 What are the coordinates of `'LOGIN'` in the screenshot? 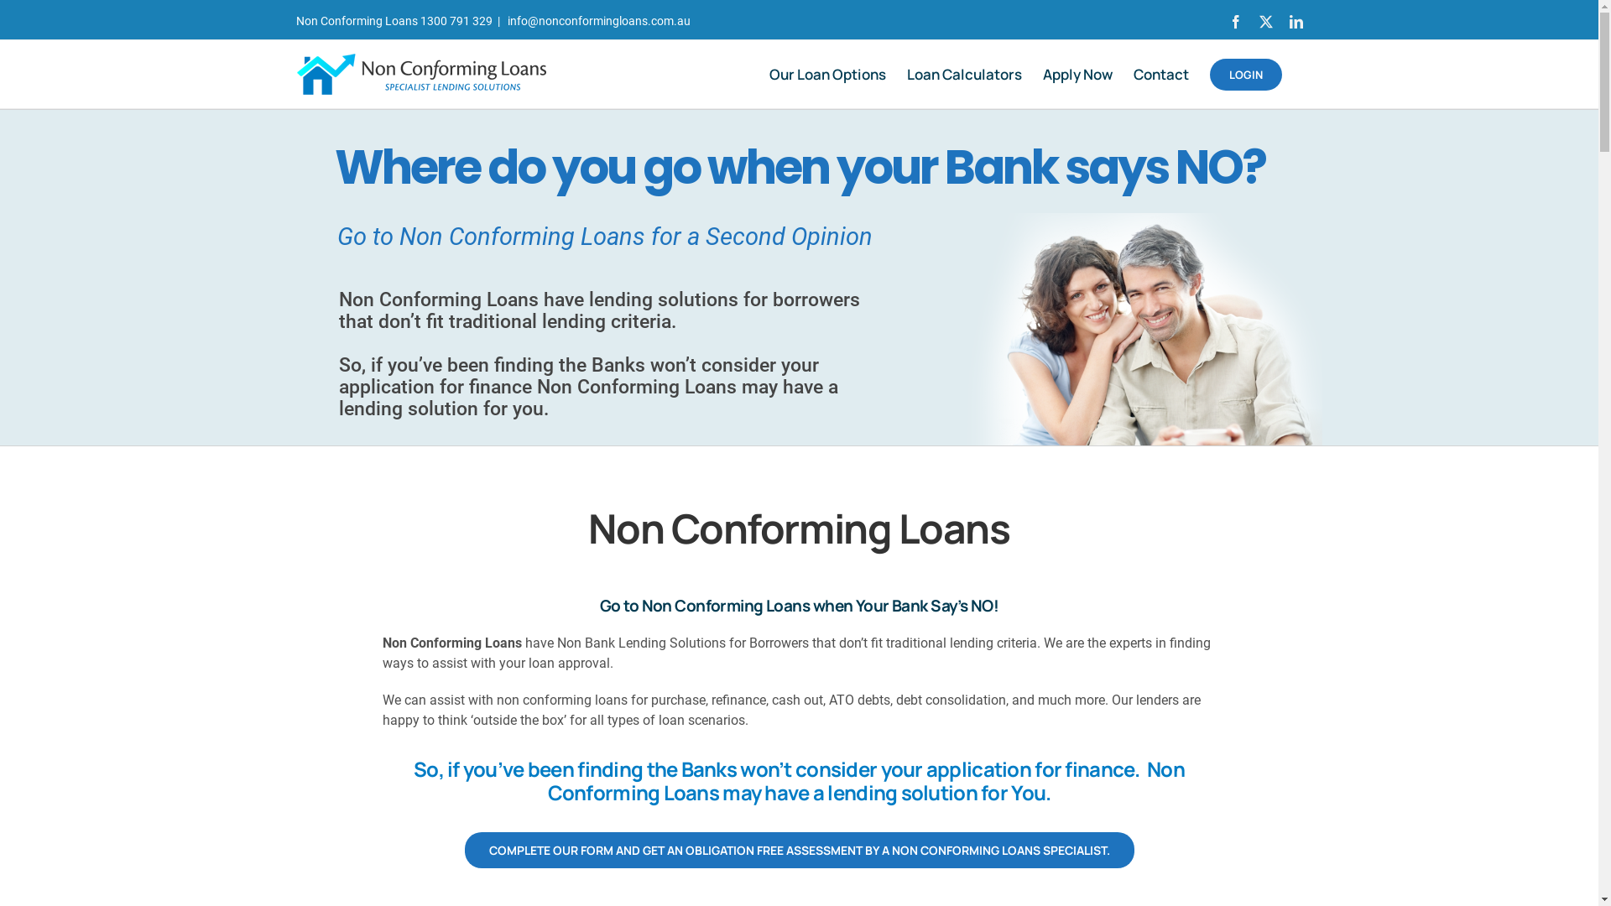 It's located at (1245, 73).